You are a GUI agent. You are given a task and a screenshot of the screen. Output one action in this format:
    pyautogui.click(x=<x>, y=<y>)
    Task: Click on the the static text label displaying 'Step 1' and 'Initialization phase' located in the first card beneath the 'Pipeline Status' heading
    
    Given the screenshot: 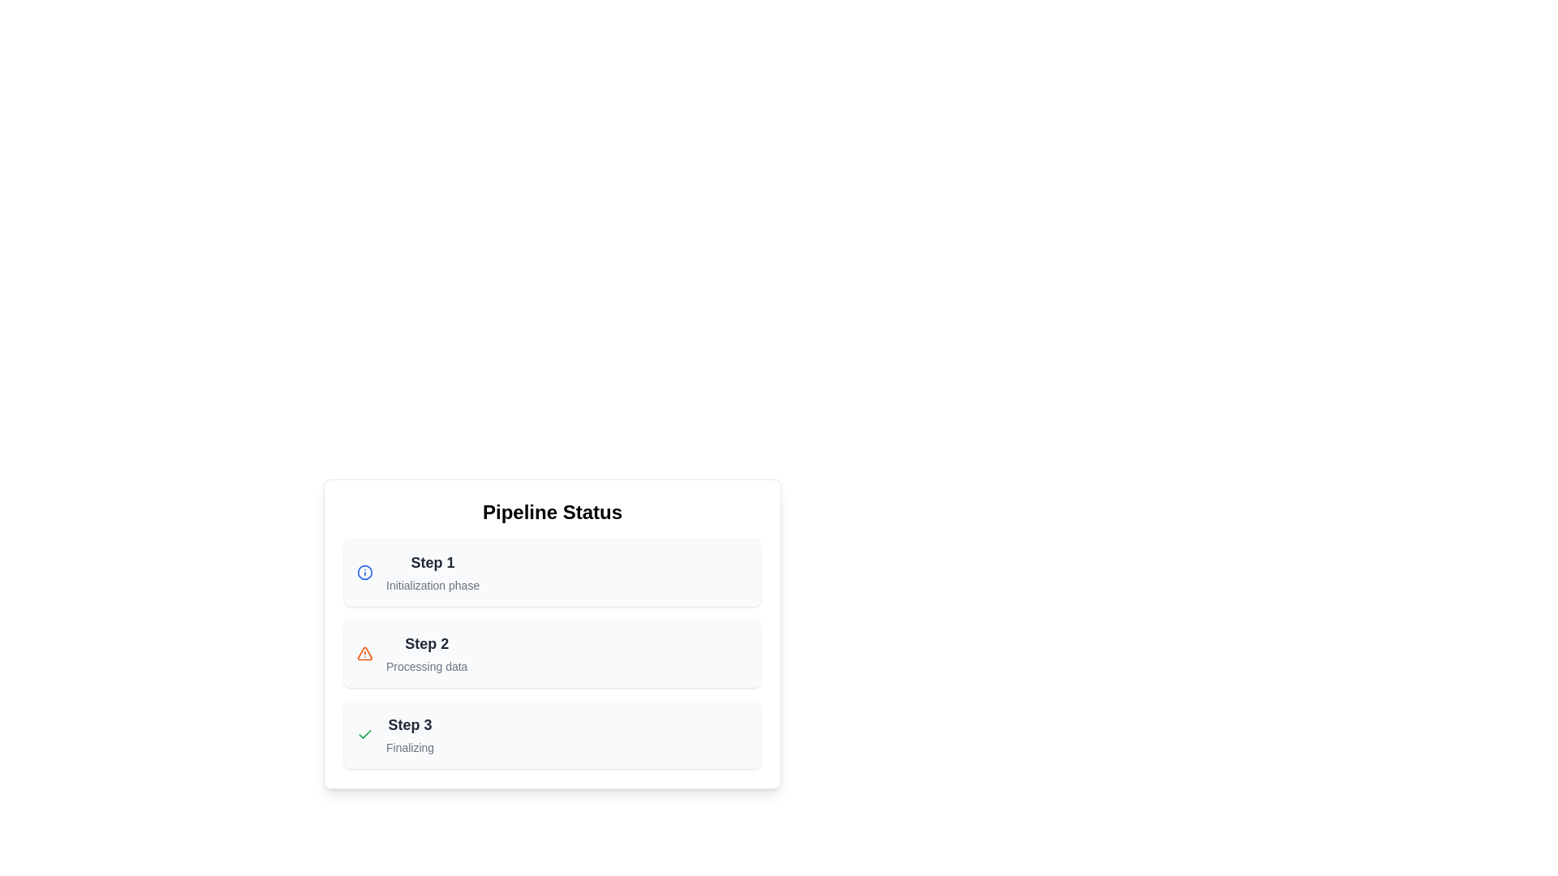 What is the action you would take?
    pyautogui.click(x=433, y=571)
    